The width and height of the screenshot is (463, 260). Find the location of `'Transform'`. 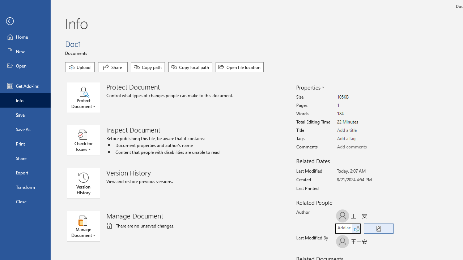

'Transform' is located at coordinates (25, 187).